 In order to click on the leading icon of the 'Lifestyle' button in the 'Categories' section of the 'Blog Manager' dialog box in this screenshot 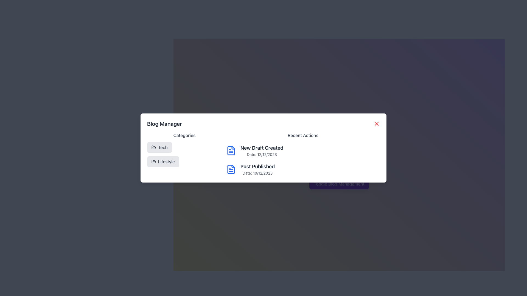, I will do `click(154, 161)`.